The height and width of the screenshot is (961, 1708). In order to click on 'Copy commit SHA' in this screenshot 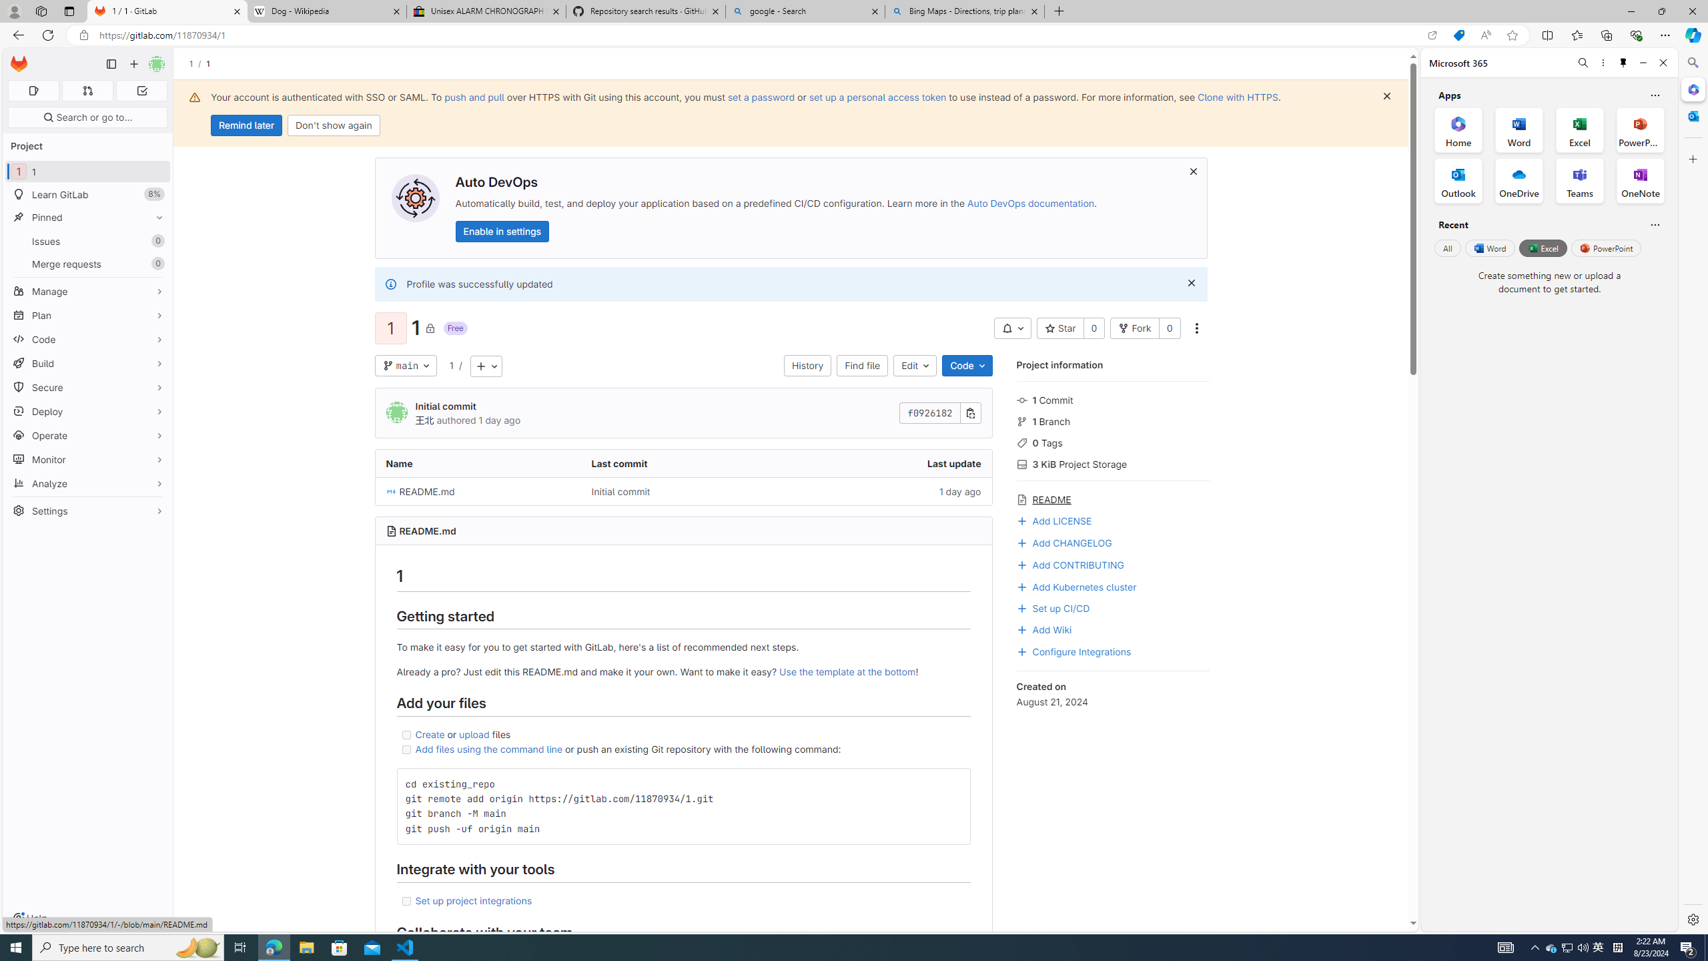, I will do `click(971, 412)`.